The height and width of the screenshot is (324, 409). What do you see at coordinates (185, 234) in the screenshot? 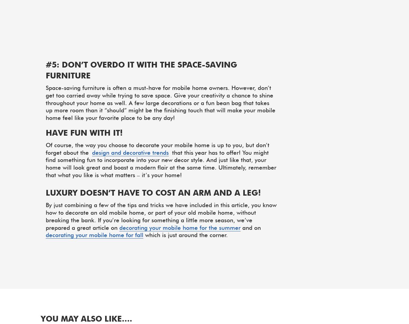
I see `'which is just around the corner.'` at bounding box center [185, 234].